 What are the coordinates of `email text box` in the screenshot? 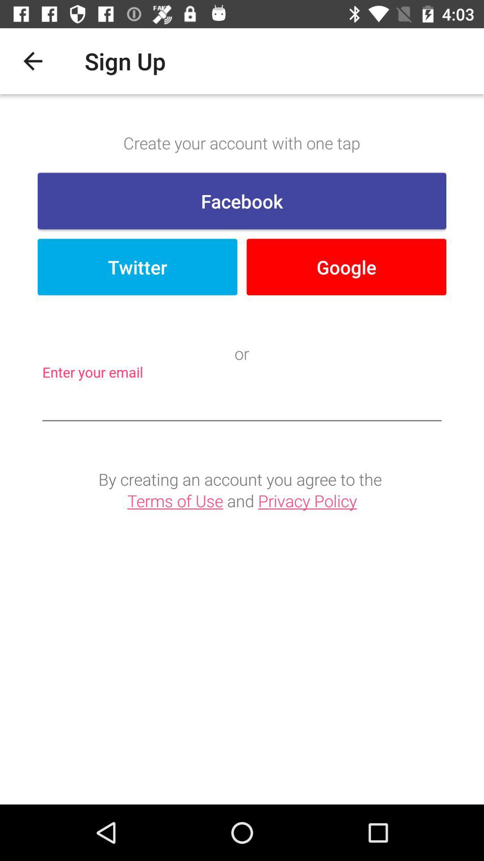 It's located at (242, 403).